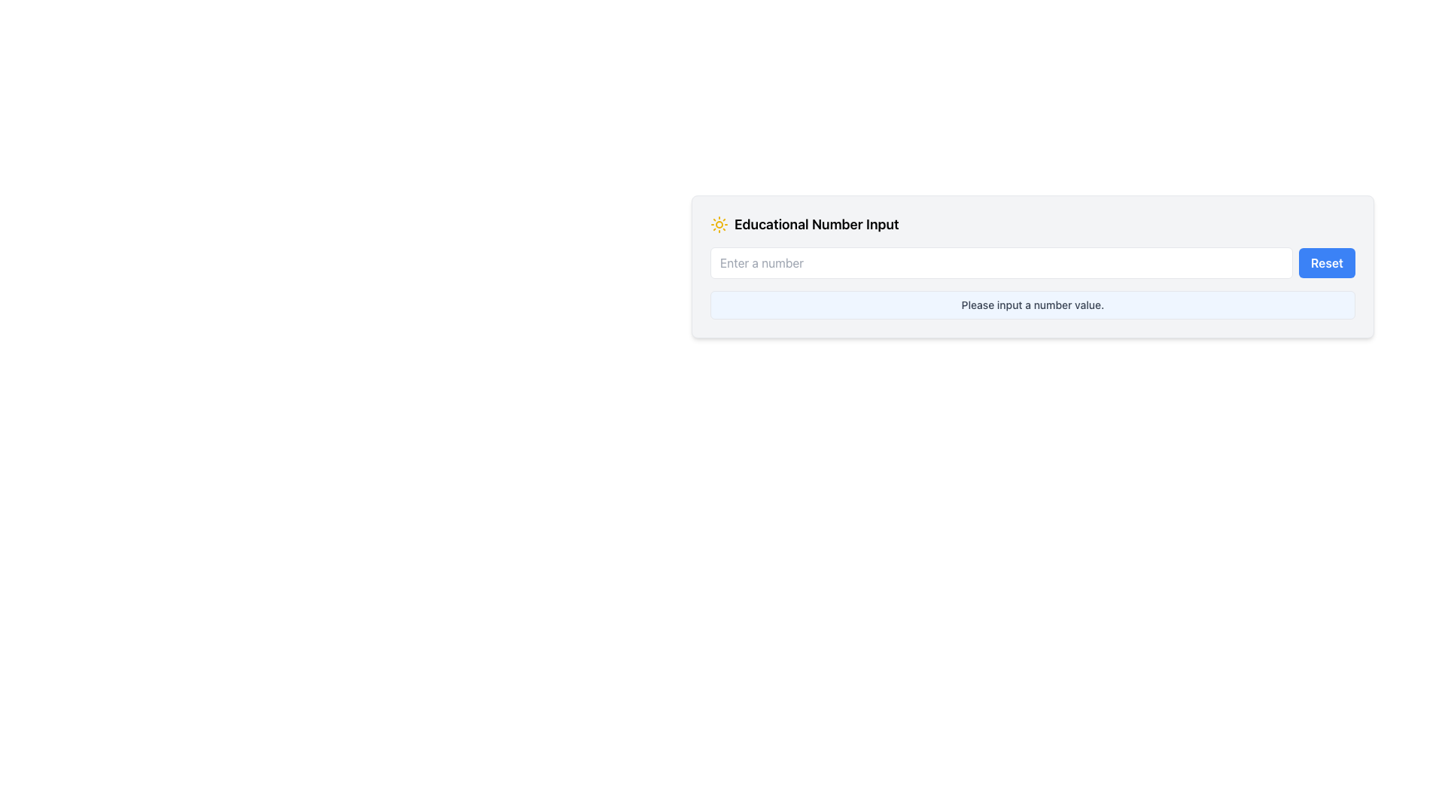 The height and width of the screenshot is (812, 1445). I want to click on the text label that reads 'Please input a number value.' which is styled in gray color and located below the 'Educational Number Input' field, so click(1032, 304).